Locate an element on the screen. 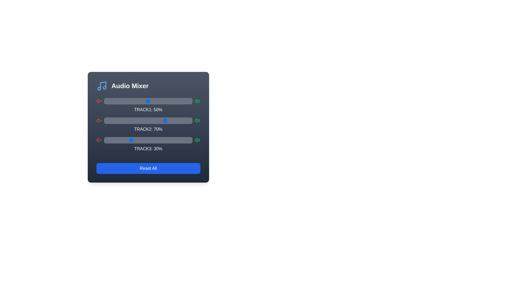 The image size is (520, 293). the mute icon for Track 1 is located at coordinates (99, 101).